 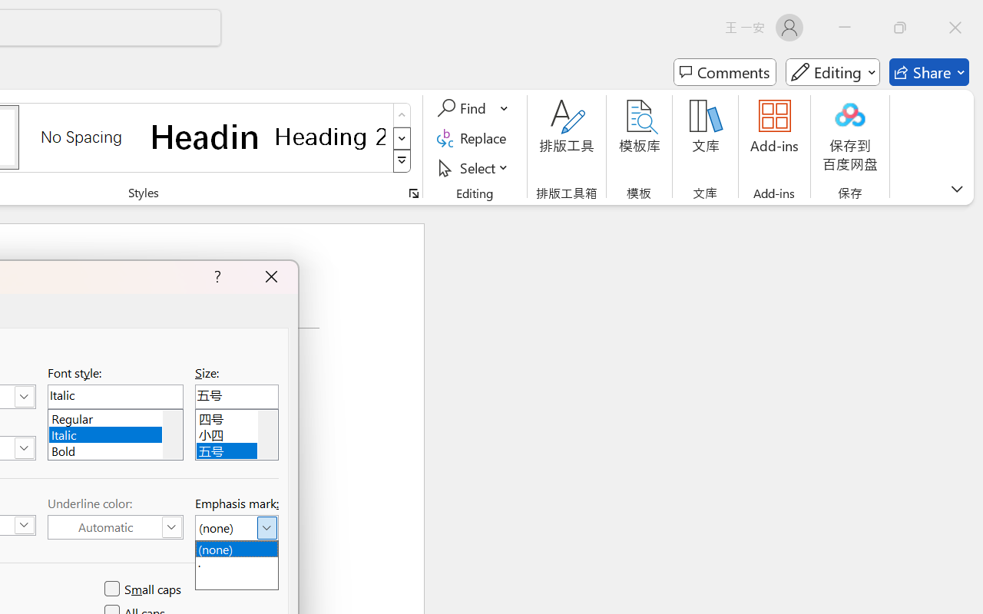 I want to click on 'Heading 2', so click(x=329, y=136).